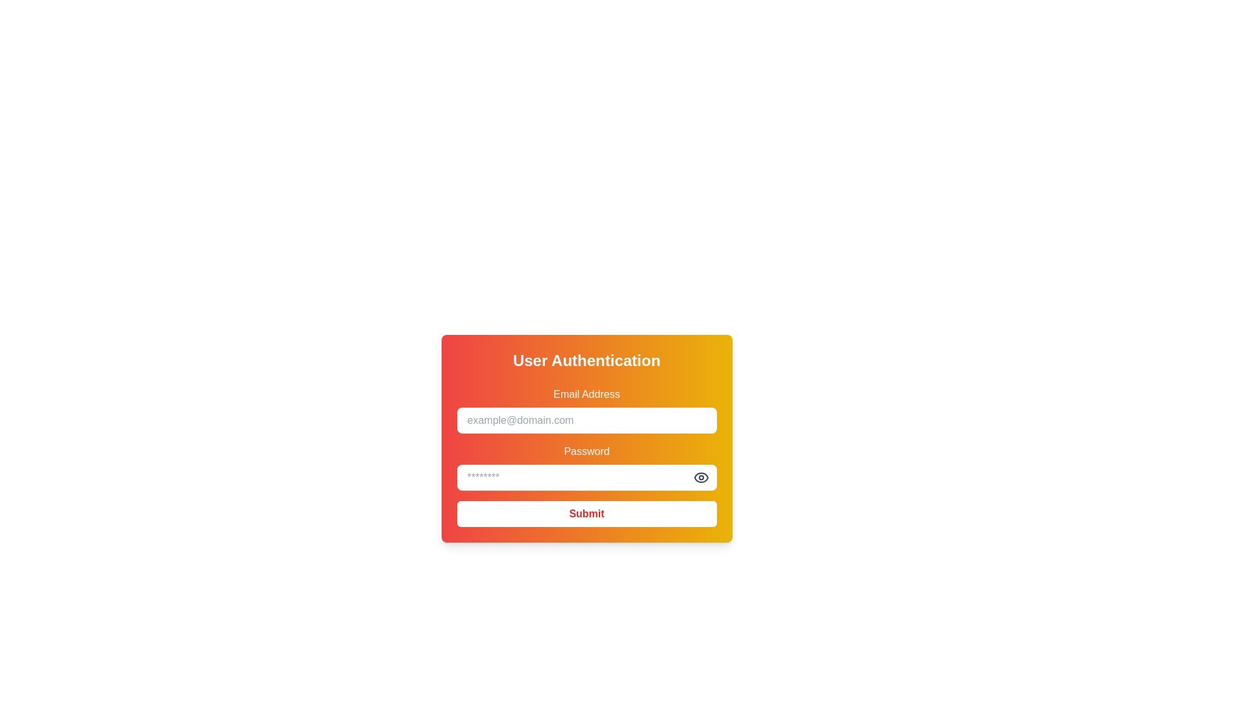  Describe the element at coordinates (586, 360) in the screenshot. I see `the title text 'User Authentication', which is styled with a bold, white font and is horizontally centered within a gradient background transitioning from red to yellow` at that location.